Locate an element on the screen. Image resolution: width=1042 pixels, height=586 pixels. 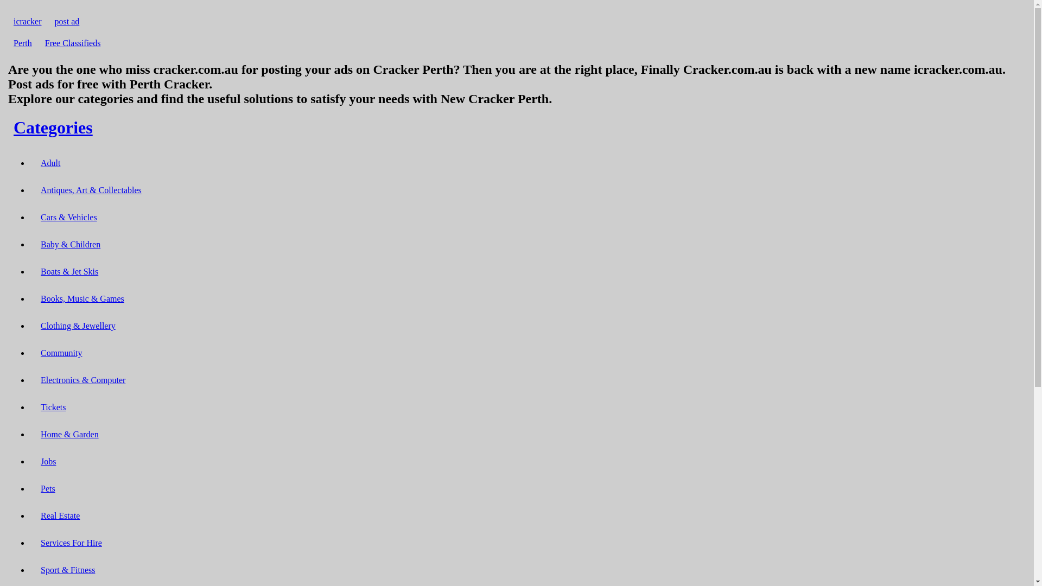
'Home & Garden' is located at coordinates (35, 434).